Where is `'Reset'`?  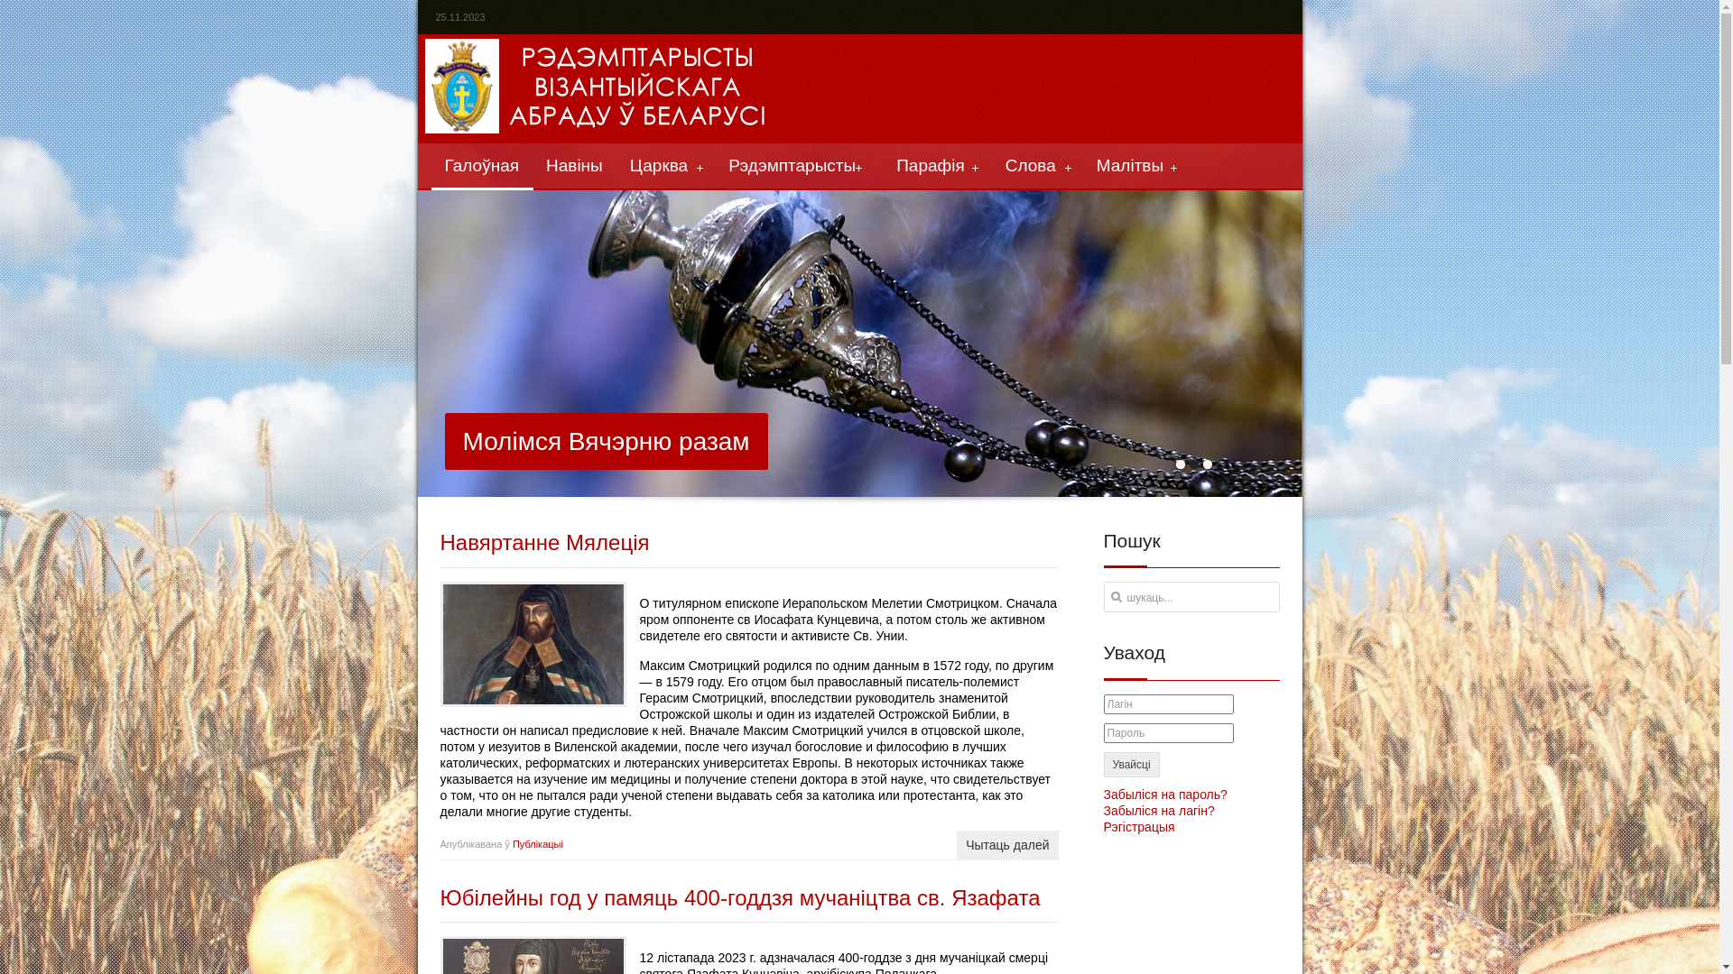 'Reset' is located at coordinates (4, 3).